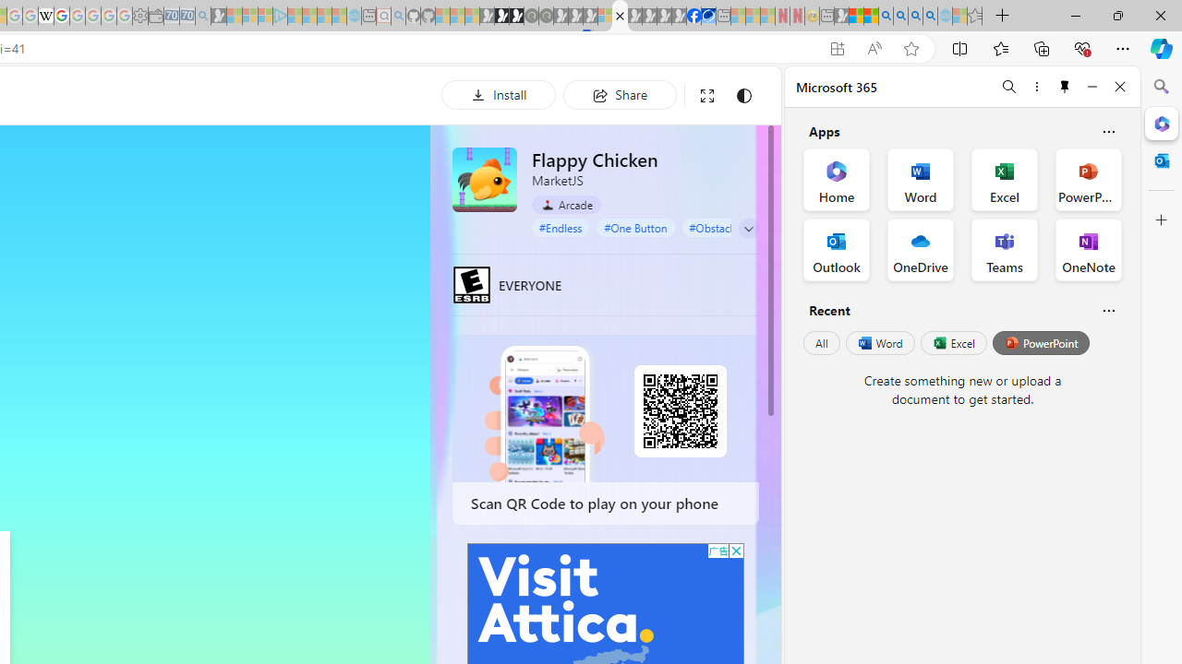 Image resolution: width=1182 pixels, height=664 pixels. I want to click on 'MSN - Sleeping', so click(840, 16).